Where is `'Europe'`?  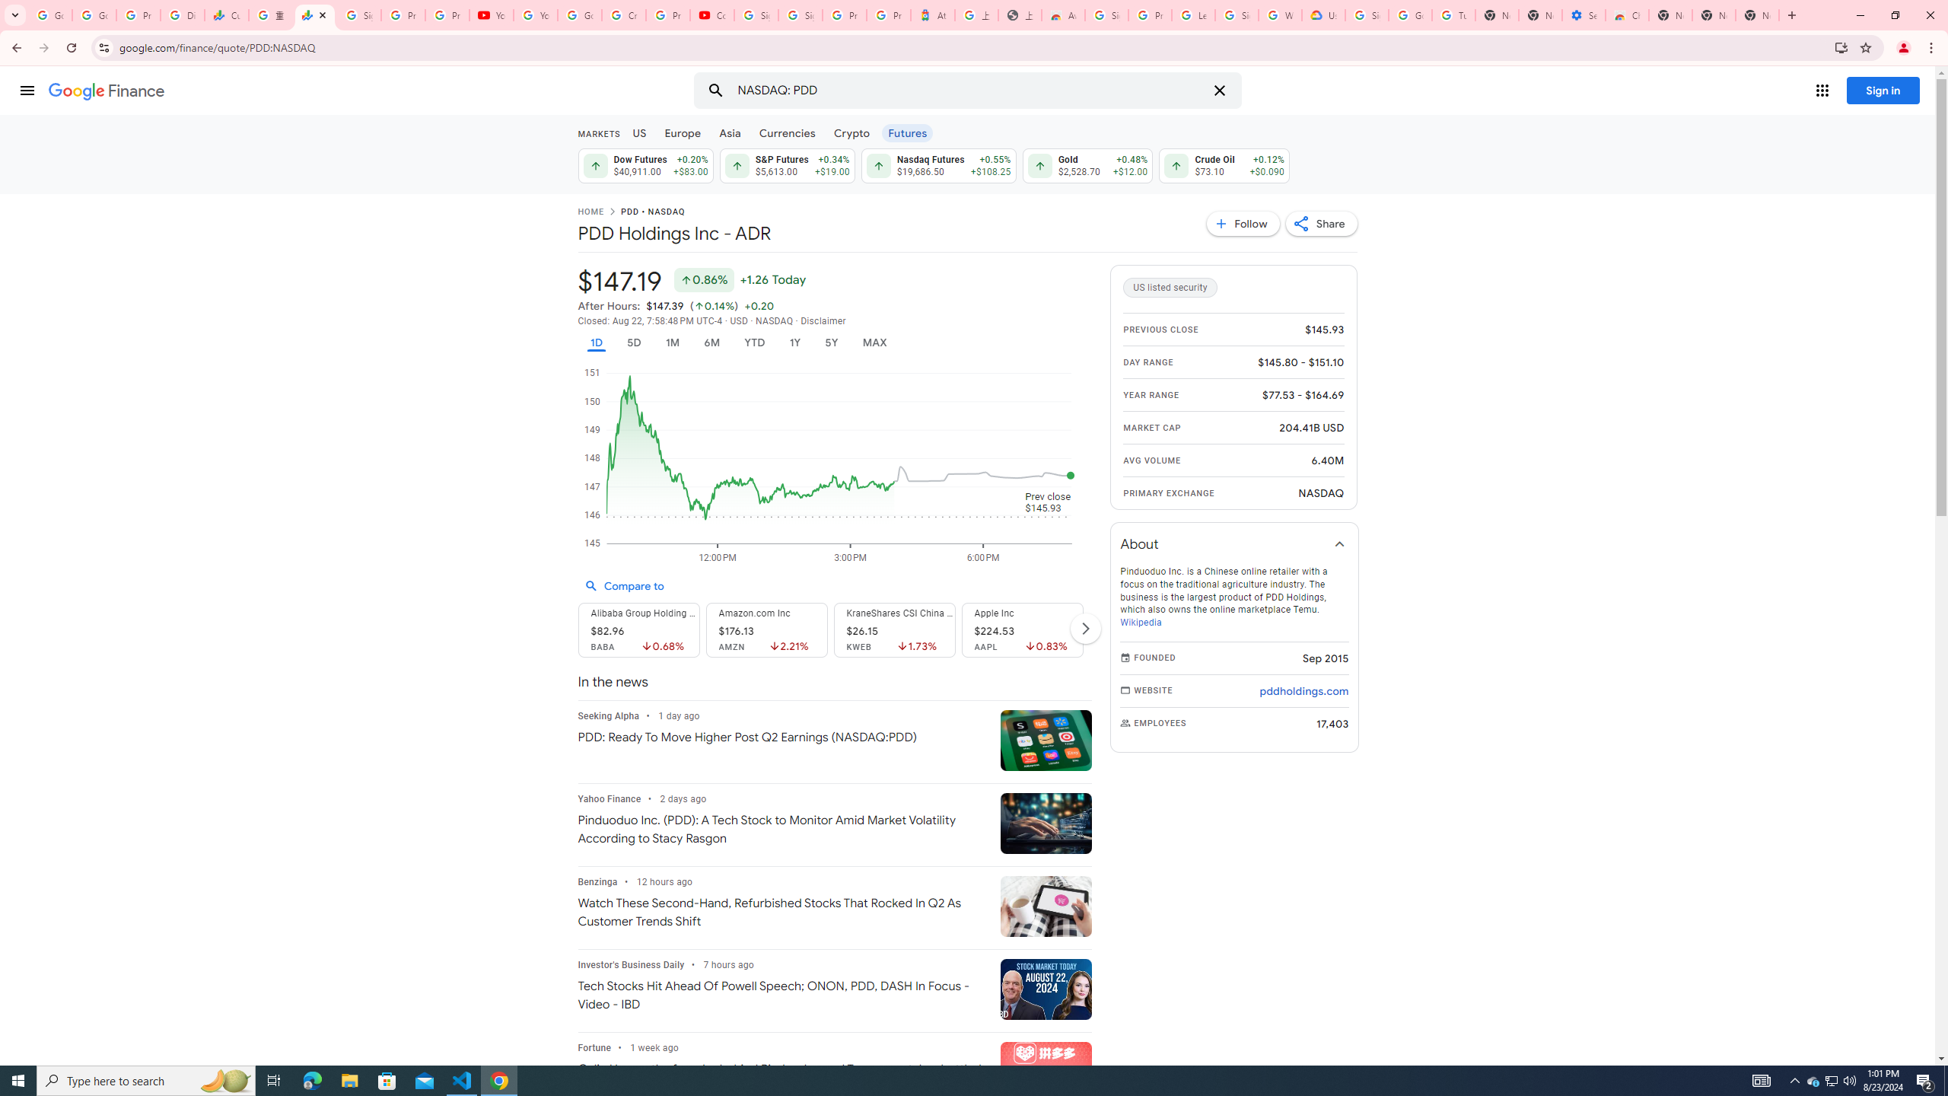
'Europe' is located at coordinates (682, 132).